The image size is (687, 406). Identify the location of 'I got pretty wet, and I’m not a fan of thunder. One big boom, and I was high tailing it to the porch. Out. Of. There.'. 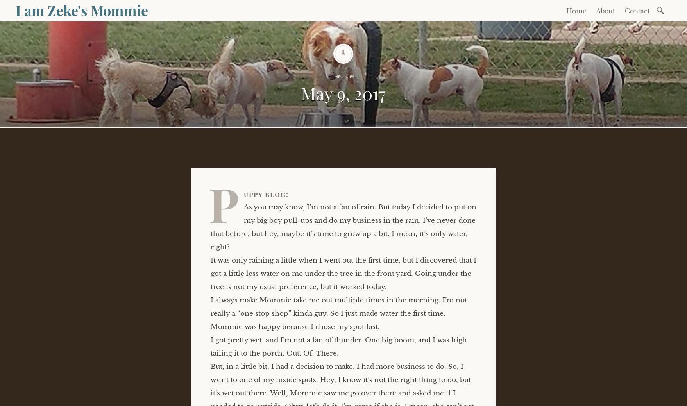
(210, 346).